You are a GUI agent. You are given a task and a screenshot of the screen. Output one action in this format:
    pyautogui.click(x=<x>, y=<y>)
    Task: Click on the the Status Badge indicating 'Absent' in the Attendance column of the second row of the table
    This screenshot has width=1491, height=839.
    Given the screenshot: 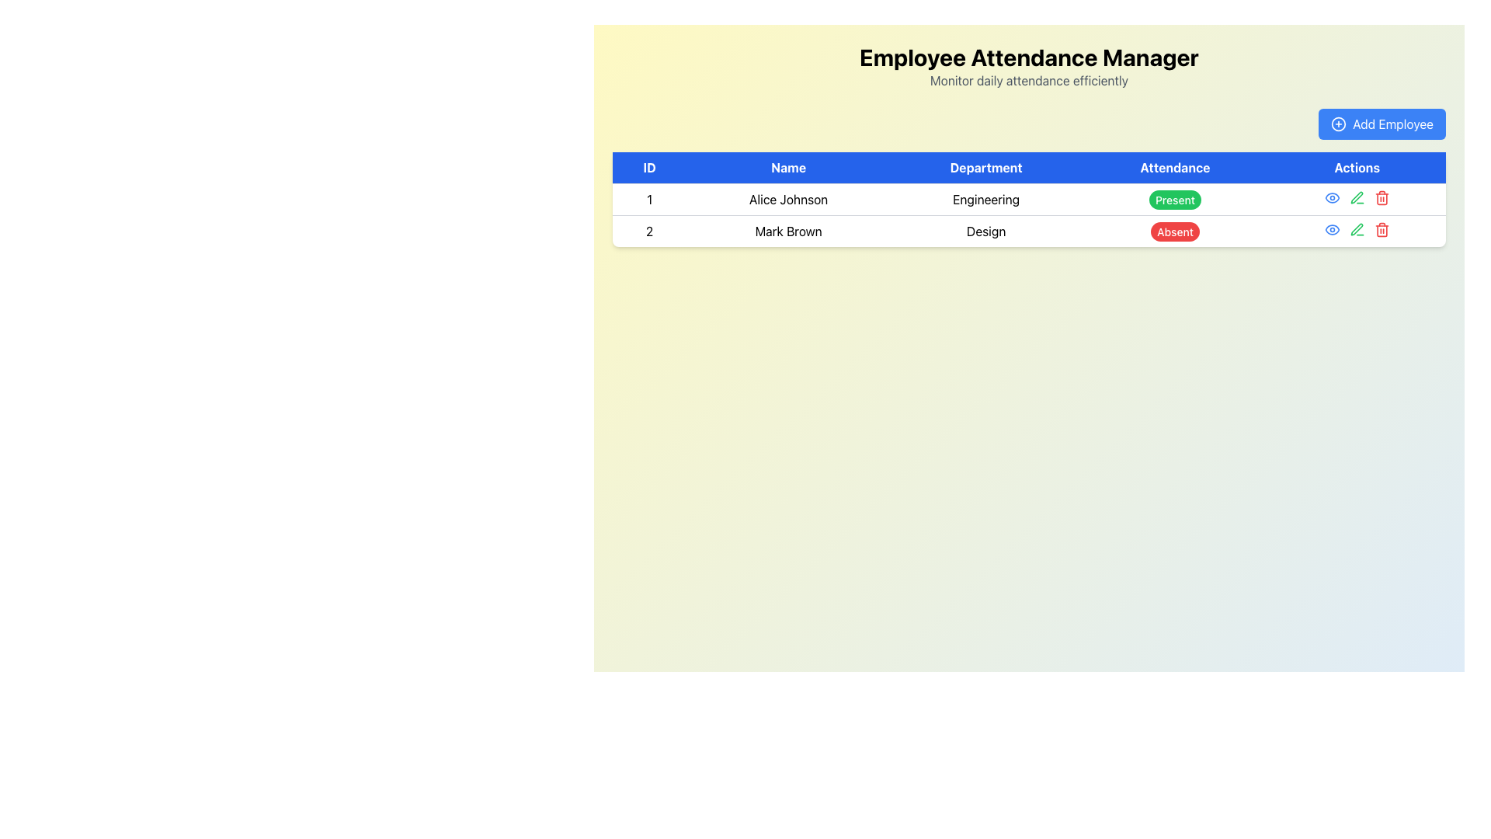 What is the action you would take?
    pyautogui.click(x=1175, y=231)
    